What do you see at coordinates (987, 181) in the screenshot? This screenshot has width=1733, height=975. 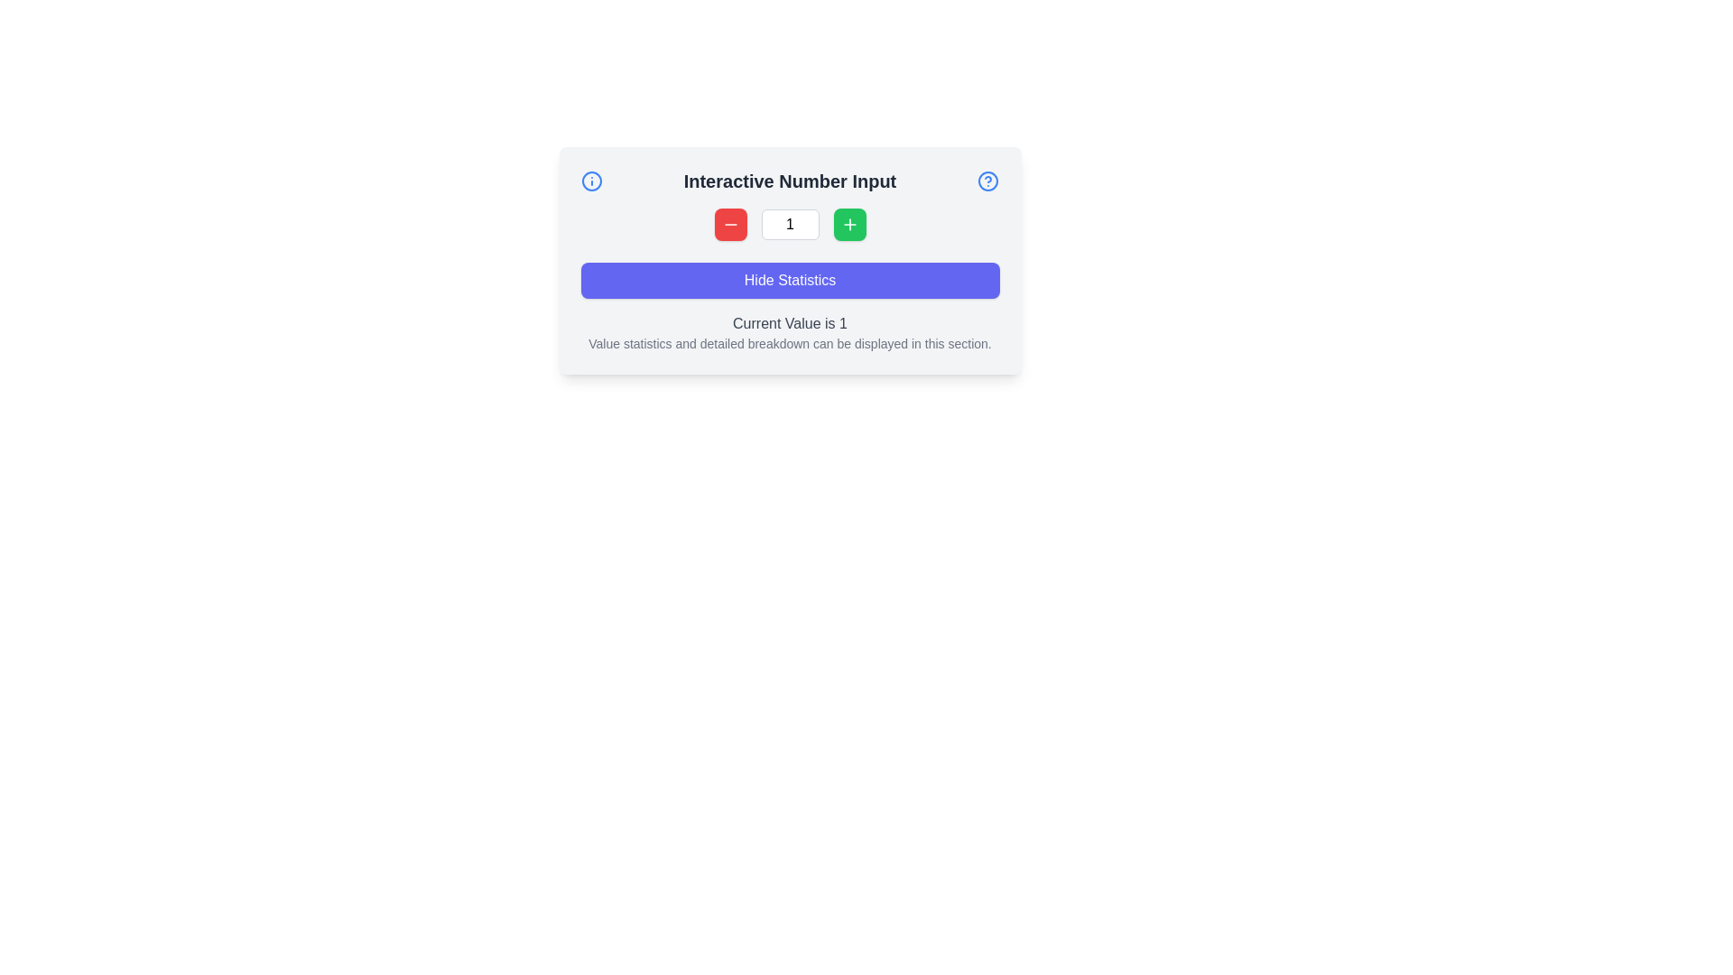 I see `the outer circular component of the blue help icon located in the top-left corner of the card-like UI panel` at bounding box center [987, 181].